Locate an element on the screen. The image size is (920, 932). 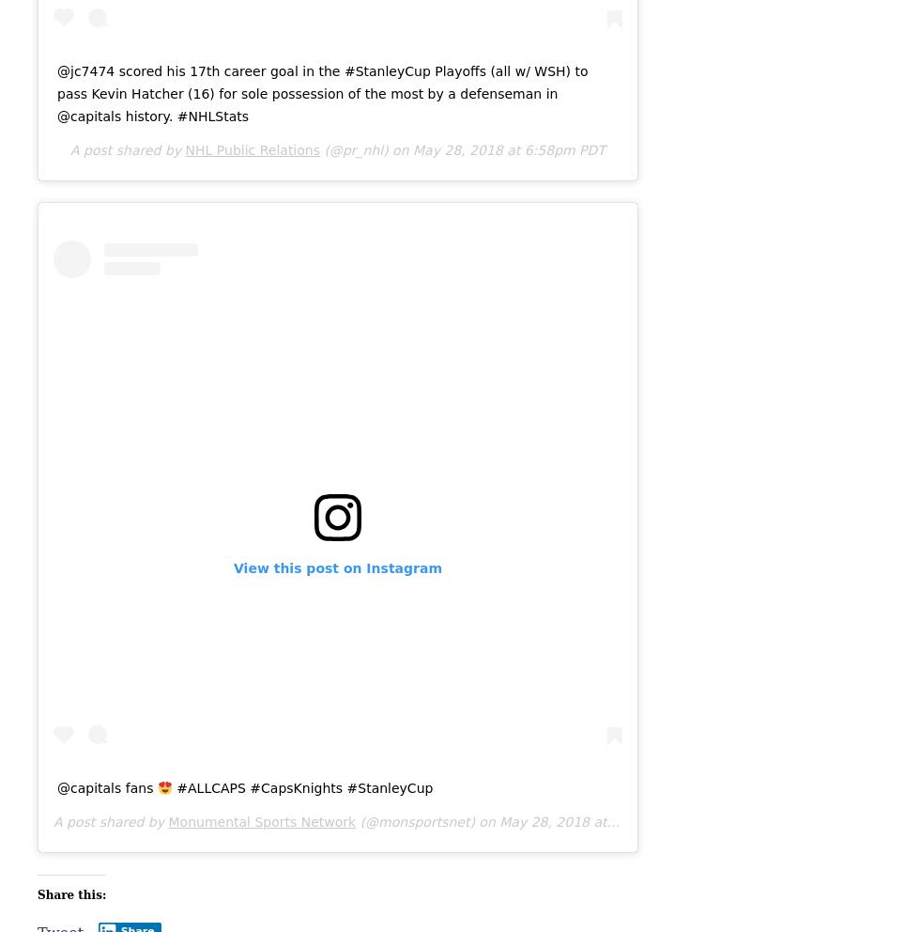
'@jc7474 scored his 17th career goal in the #StanleyCup Playoffs (all w/ WSH) to pass Kevin Hatcher (16) for sole possession of the most by a defenseman in @capitals history. #NHLStats' is located at coordinates (322, 92).